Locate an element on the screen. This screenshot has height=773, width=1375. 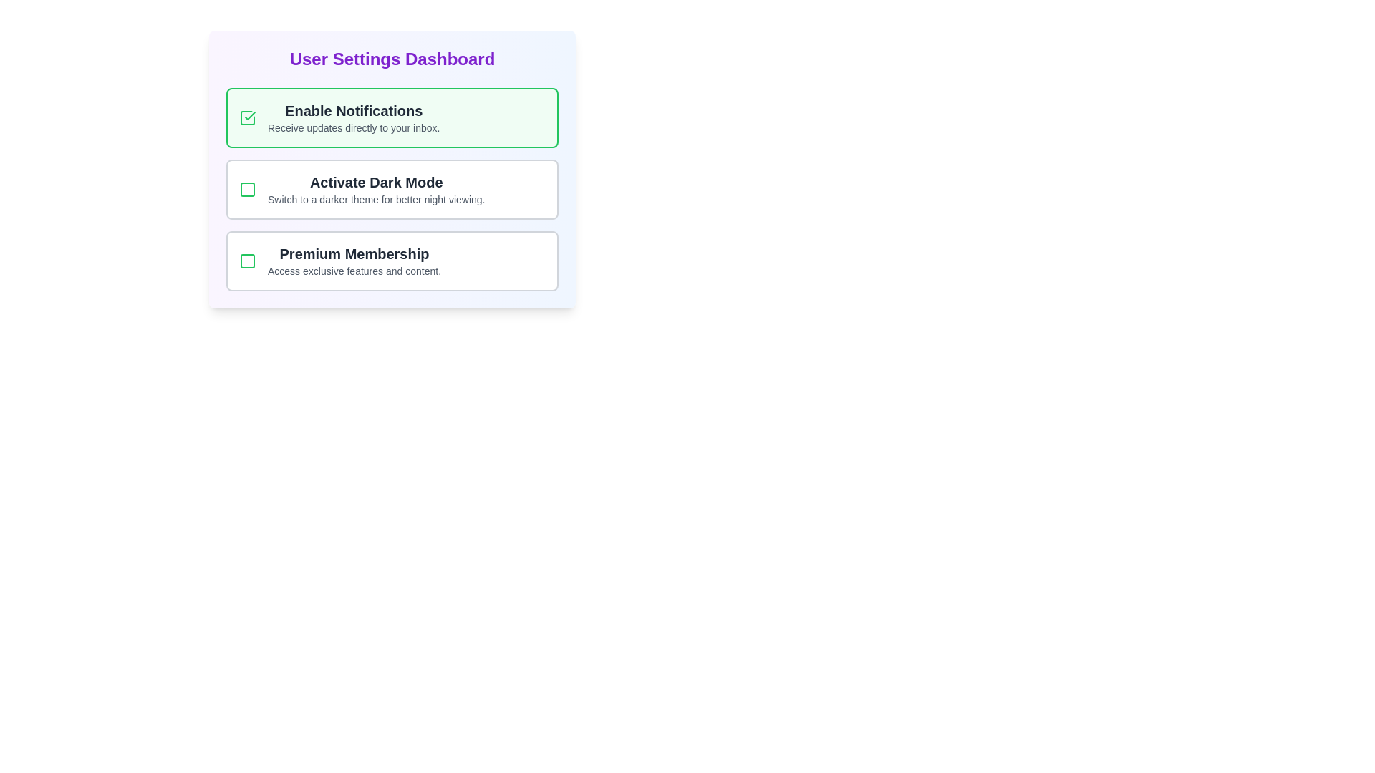
text of the selectable option with a checkbox that allows users to opt in to receive notifications, located at the topmost position among a stacked list of three options is located at coordinates (392, 117).